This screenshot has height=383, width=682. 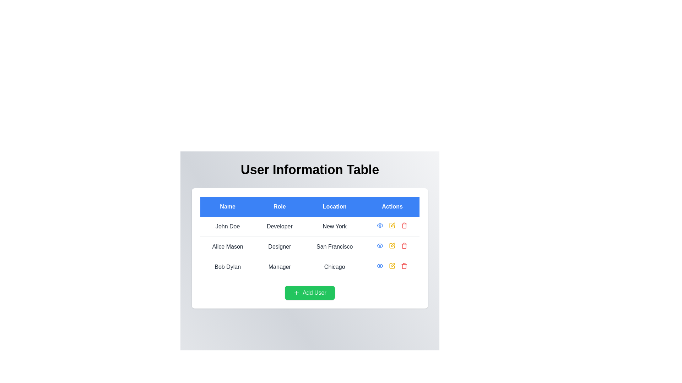 I want to click on the second row of the user data table that contains details about a user, located between 'John Doe' and 'Bob Dylan', so click(x=310, y=246).